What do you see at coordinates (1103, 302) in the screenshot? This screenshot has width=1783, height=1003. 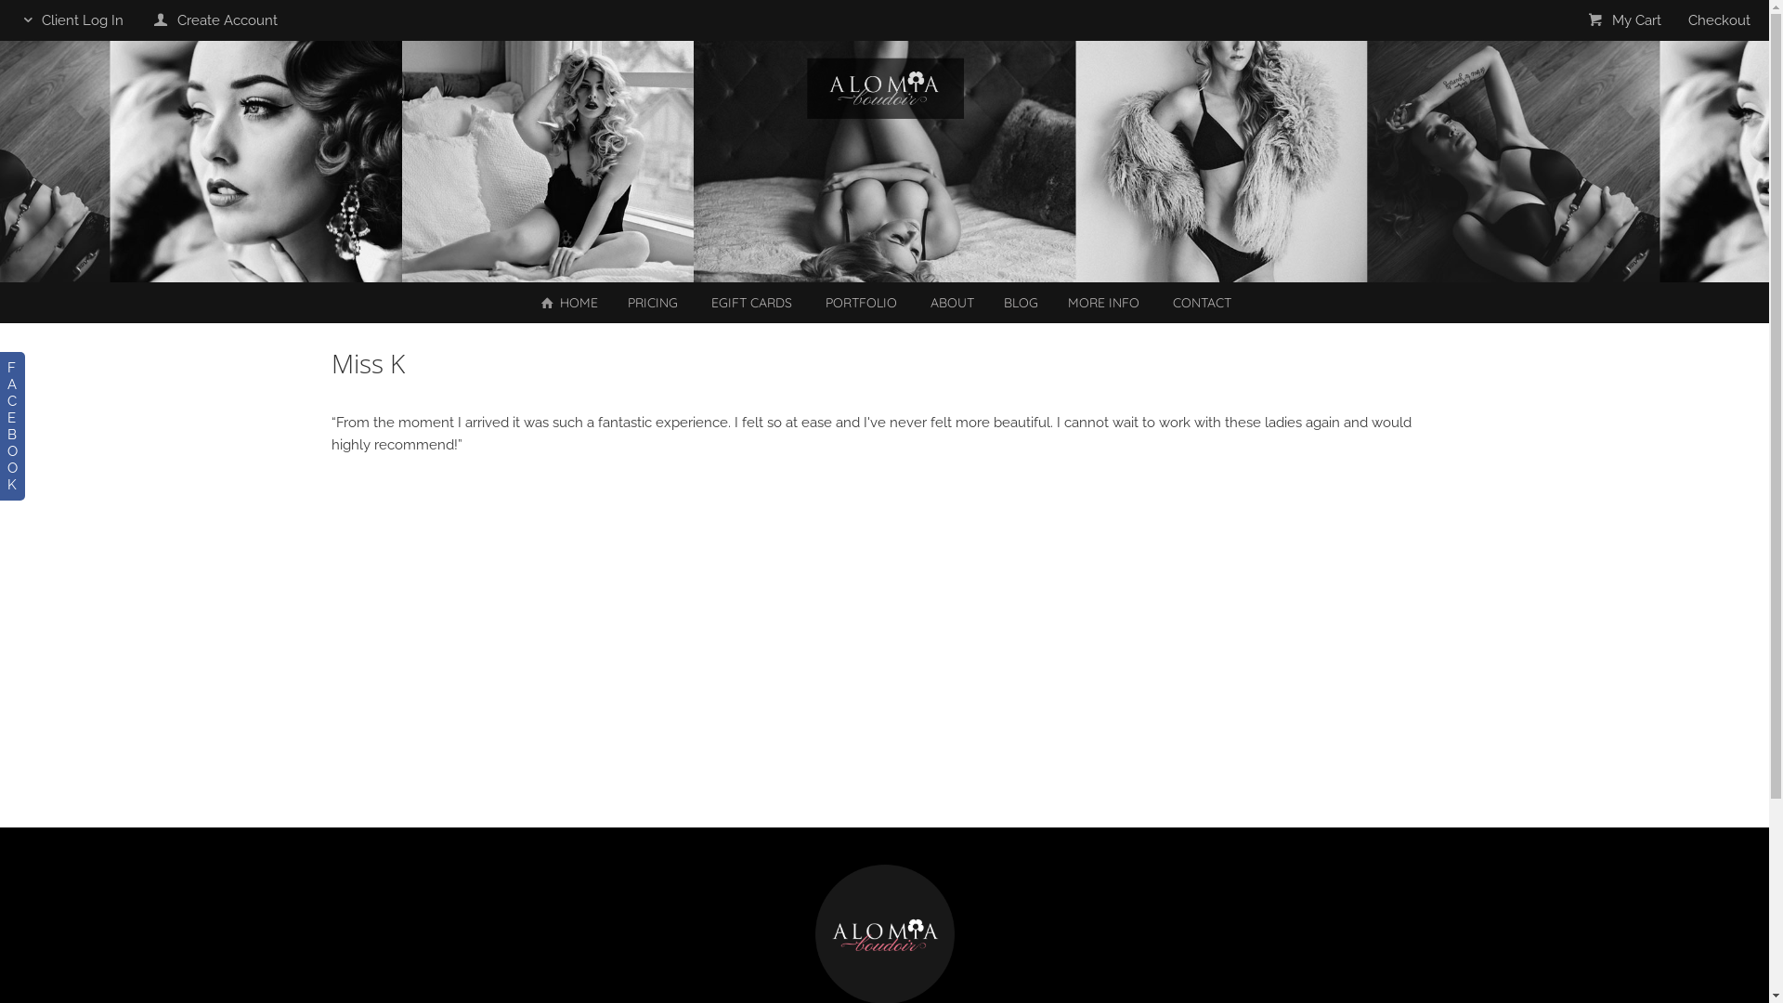 I see `'MORE INFO'` at bounding box center [1103, 302].